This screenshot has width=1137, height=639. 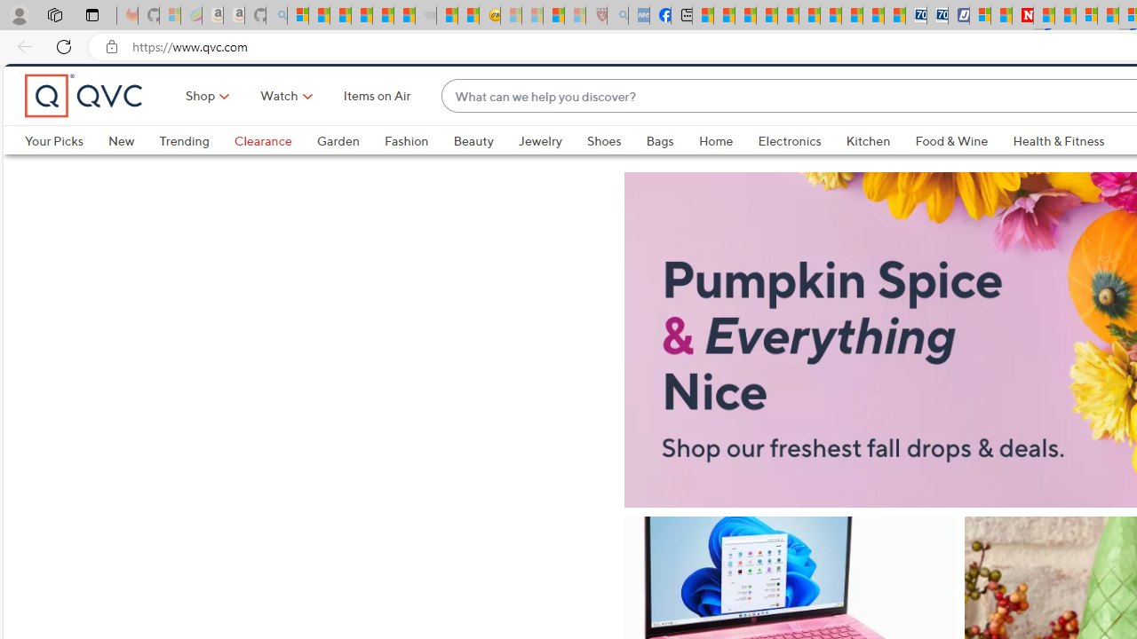 What do you see at coordinates (1063, 170) in the screenshot?
I see `'Health & Fitness'` at bounding box center [1063, 170].